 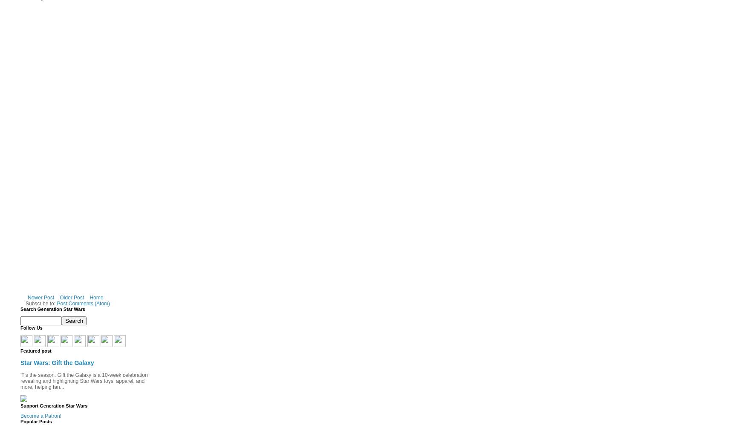 What do you see at coordinates (40, 303) in the screenshot?
I see `'Subscribe to:'` at bounding box center [40, 303].